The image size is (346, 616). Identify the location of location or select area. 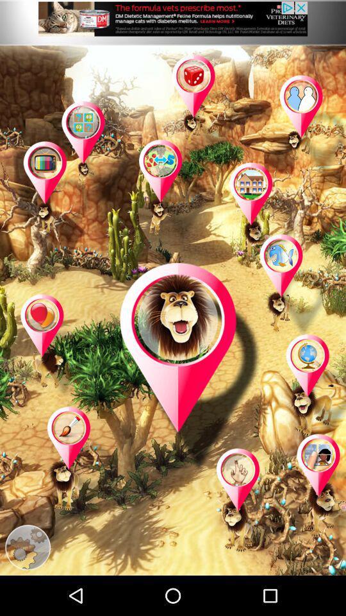
(173, 191).